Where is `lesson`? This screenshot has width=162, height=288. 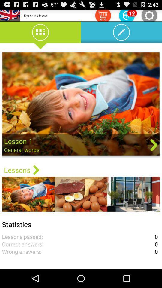 lesson is located at coordinates (81, 104).